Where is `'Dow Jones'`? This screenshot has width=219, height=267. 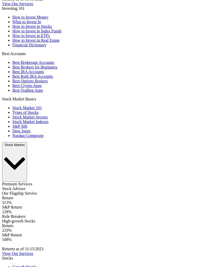
'Dow Jones' is located at coordinates (21, 131).